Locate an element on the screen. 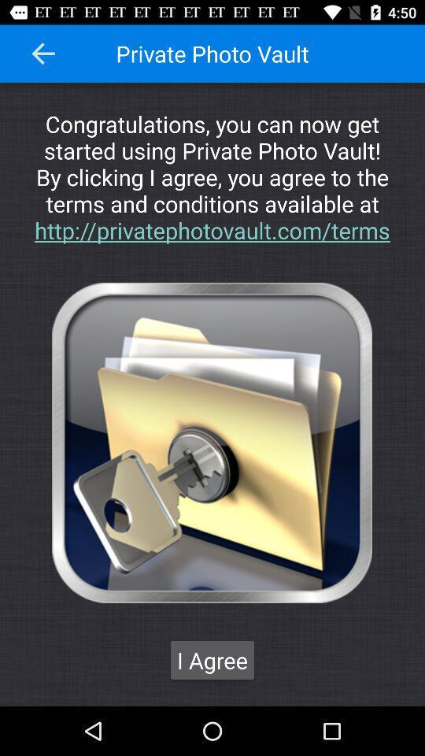 The height and width of the screenshot is (756, 425). the item to the left of private photo vault icon is located at coordinates (43, 54).